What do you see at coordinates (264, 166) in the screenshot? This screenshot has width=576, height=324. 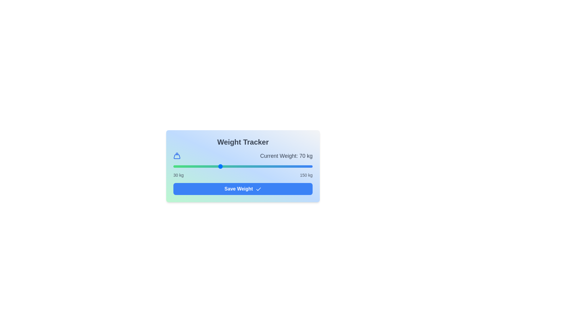 I see `the weight slider to 108 kg` at bounding box center [264, 166].